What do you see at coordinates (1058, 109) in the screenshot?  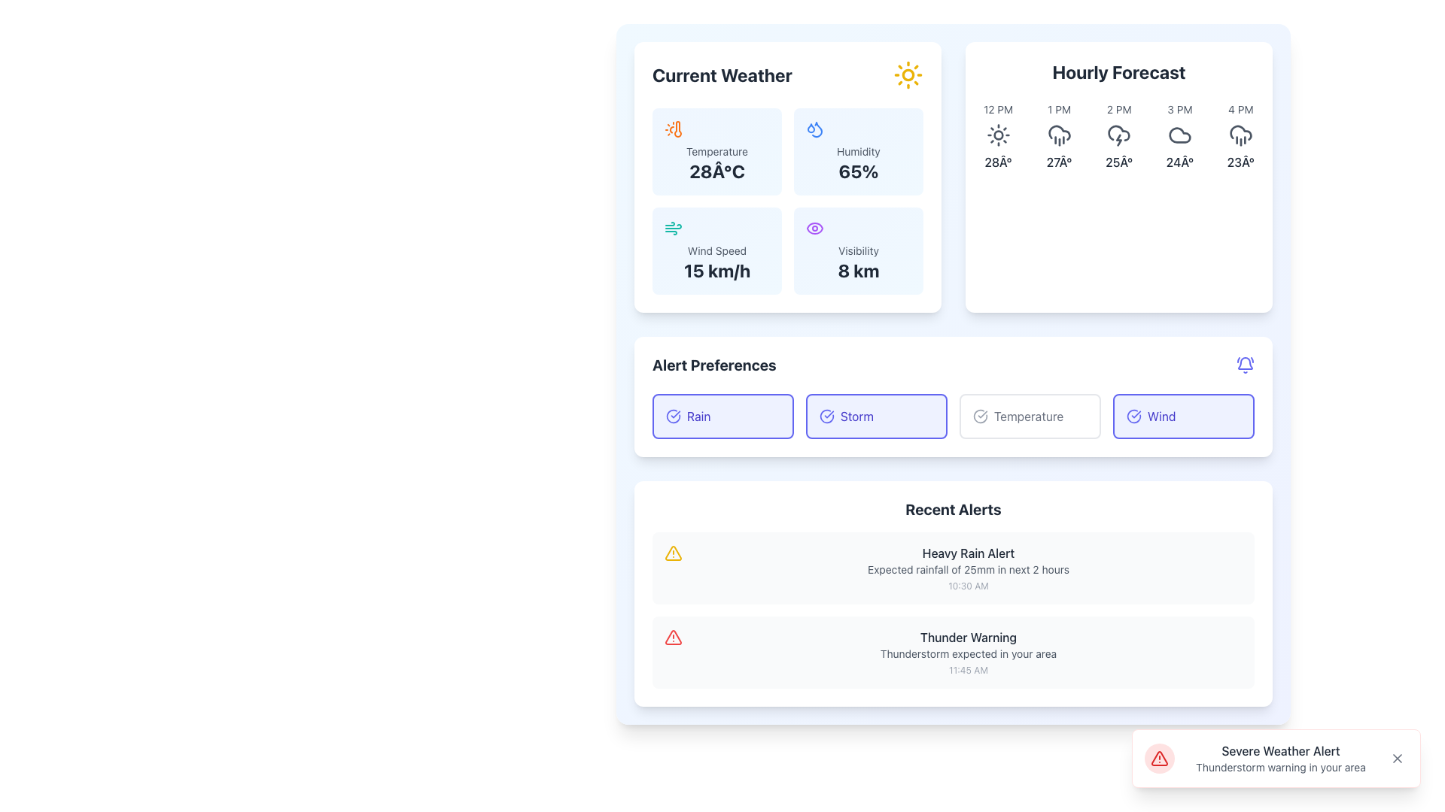 I see `the static text indicating the chronological time for the weather forecast, positioned in the 'Hourly Forecast' section above the '27°' temperature label and under the '1 PM' column header` at bounding box center [1058, 109].